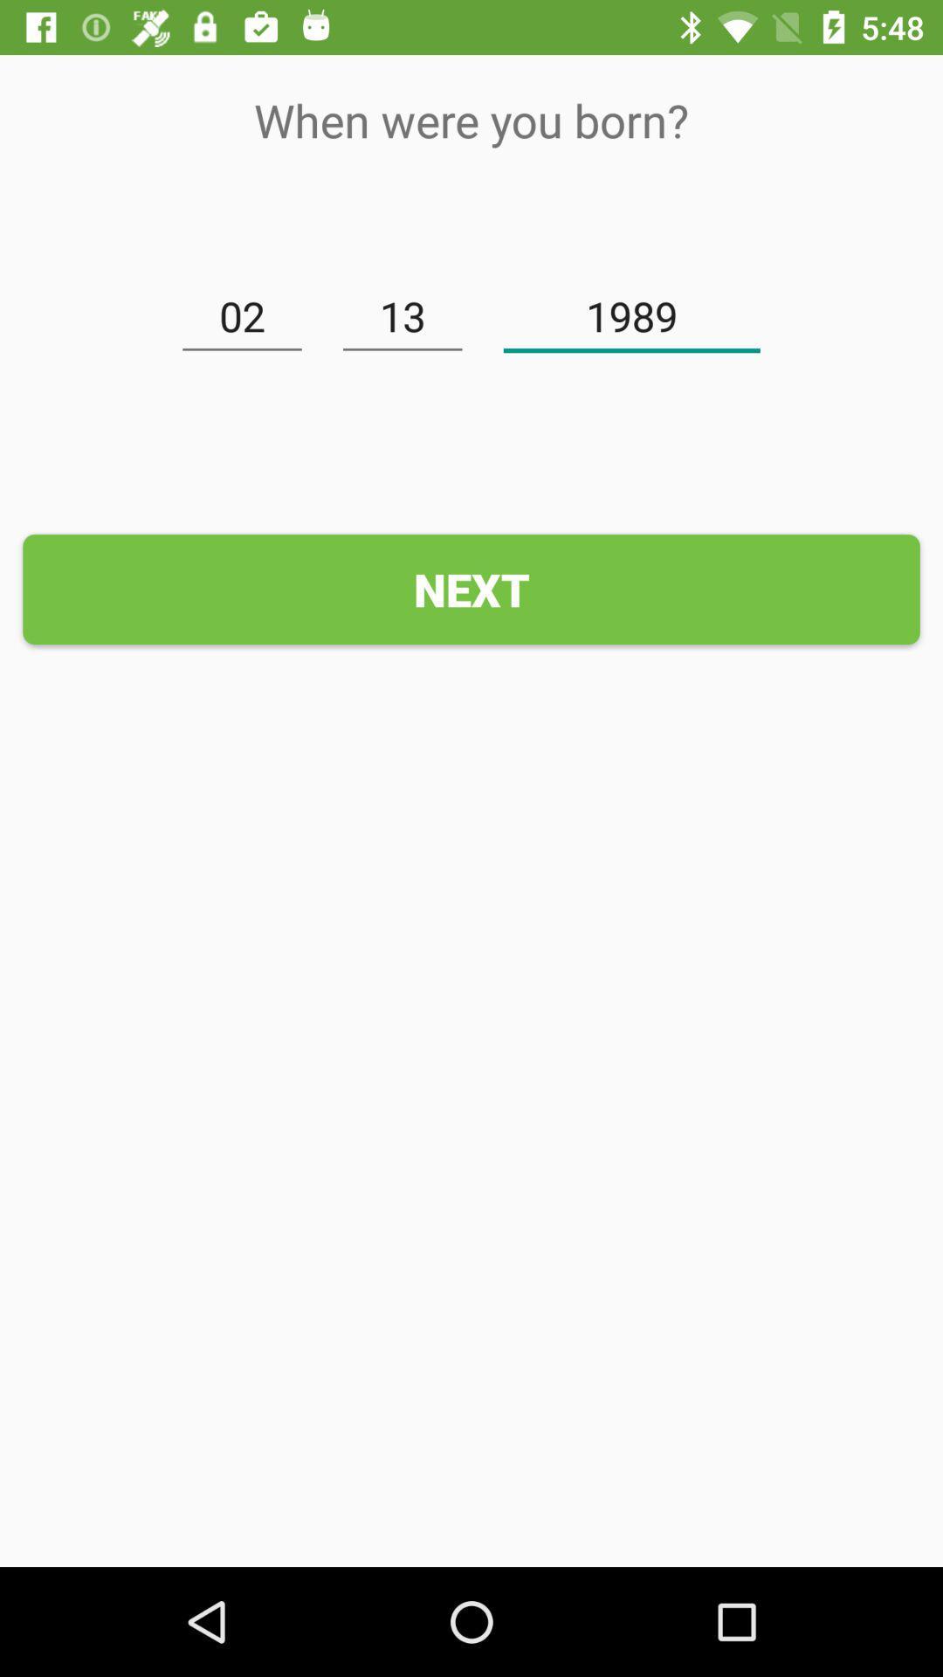 The height and width of the screenshot is (1677, 943). Describe the element at coordinates (631, 317) in the screenshot. I see `icon above next icon` at that location.